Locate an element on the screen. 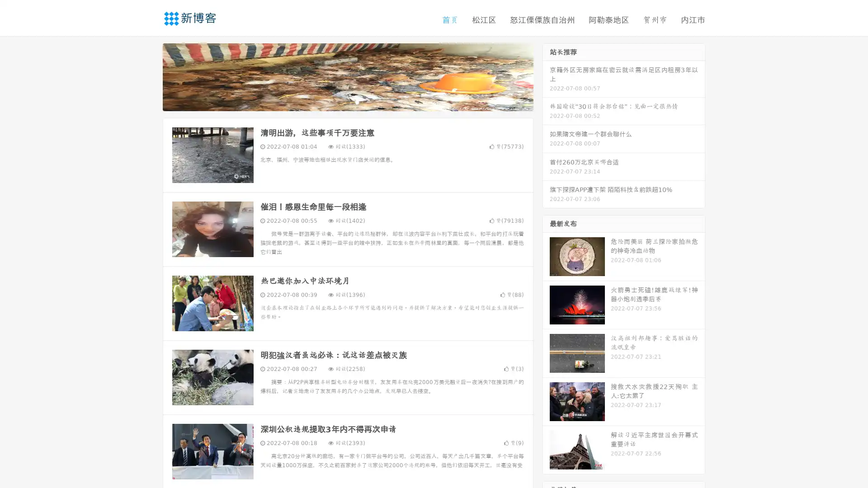 The width and height of the screenshot is (868, 488). Previous slide is located at coordinates (149, 76).